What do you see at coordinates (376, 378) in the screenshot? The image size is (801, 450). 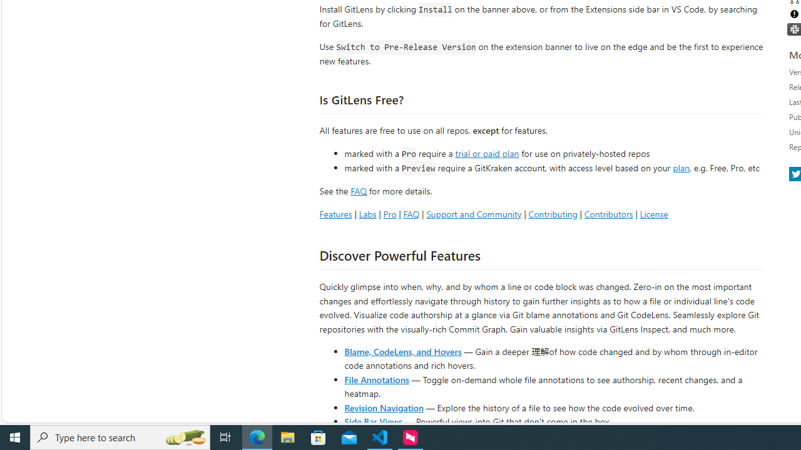 I see `'File Annotations'` at bounding box center [376, 378].